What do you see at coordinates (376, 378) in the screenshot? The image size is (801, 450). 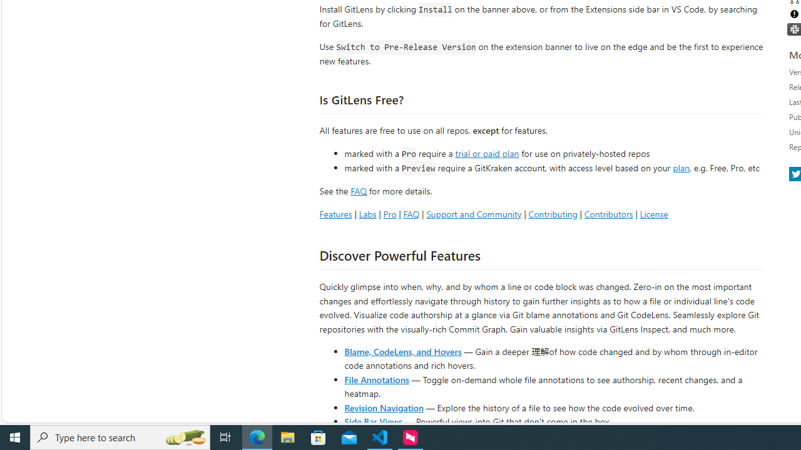 I see `'File Annotations'` at bounding box center [376, 378].